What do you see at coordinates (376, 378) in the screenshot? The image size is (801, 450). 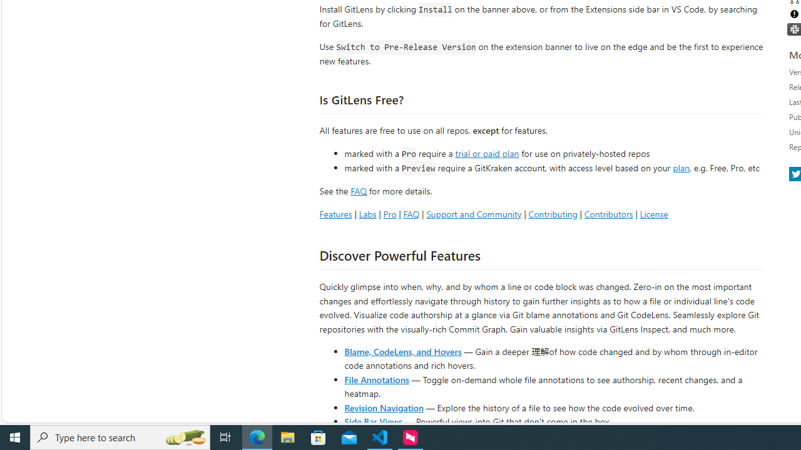 I see `'File Annotations'` at bounding box center [376, 378].